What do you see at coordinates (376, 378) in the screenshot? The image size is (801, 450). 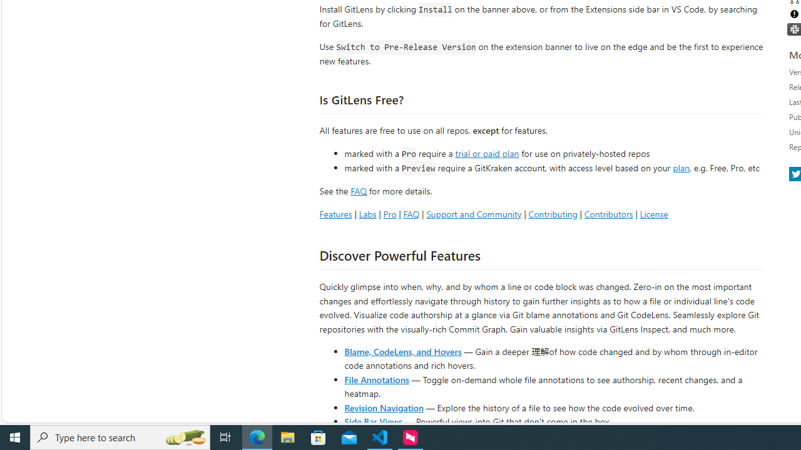 I see `'File Annotations'` at bounding box center [376, 378].